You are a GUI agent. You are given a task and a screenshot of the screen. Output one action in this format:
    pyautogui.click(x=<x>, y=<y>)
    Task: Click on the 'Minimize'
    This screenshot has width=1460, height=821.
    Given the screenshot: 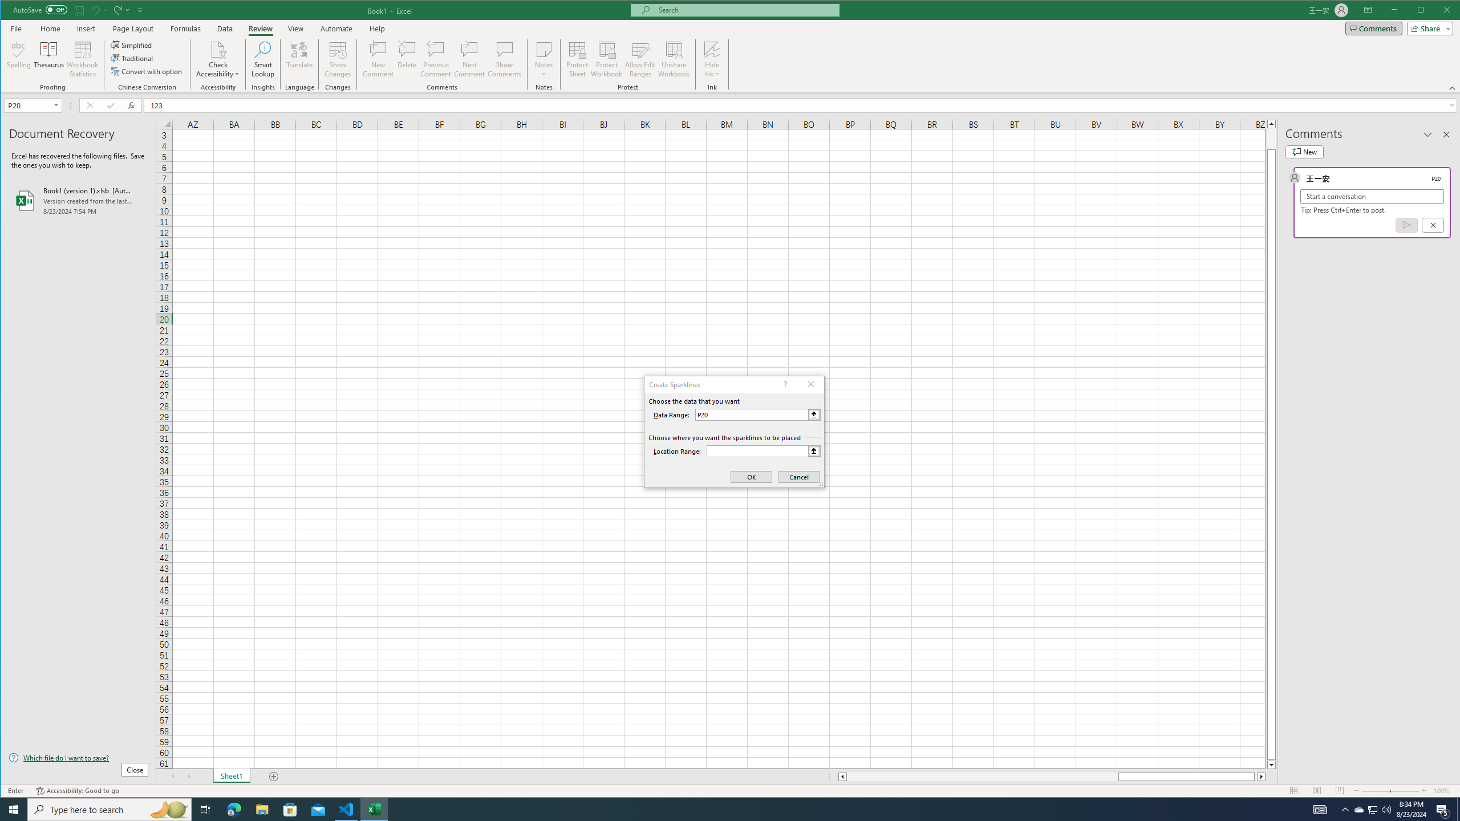 What is the action you would take?
    pyautogui.click(x=1423, y=11)
    